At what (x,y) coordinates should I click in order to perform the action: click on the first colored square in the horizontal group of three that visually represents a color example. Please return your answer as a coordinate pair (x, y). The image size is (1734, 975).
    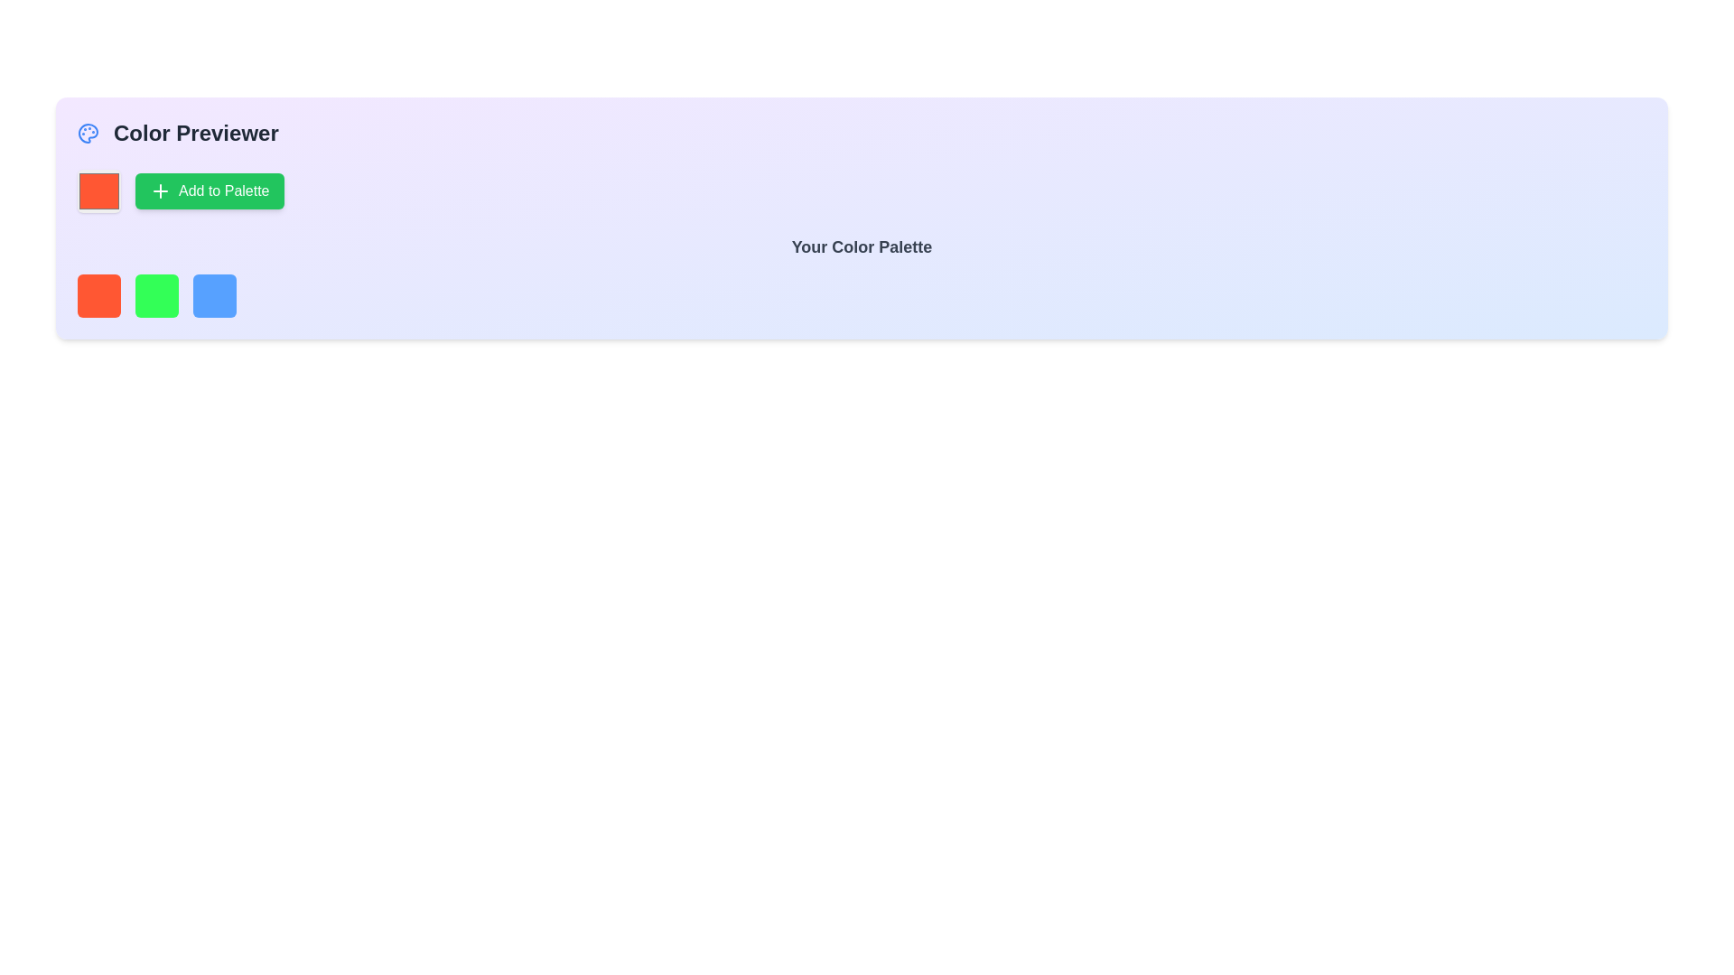
    Looking at the image, I should click on (98, 294).